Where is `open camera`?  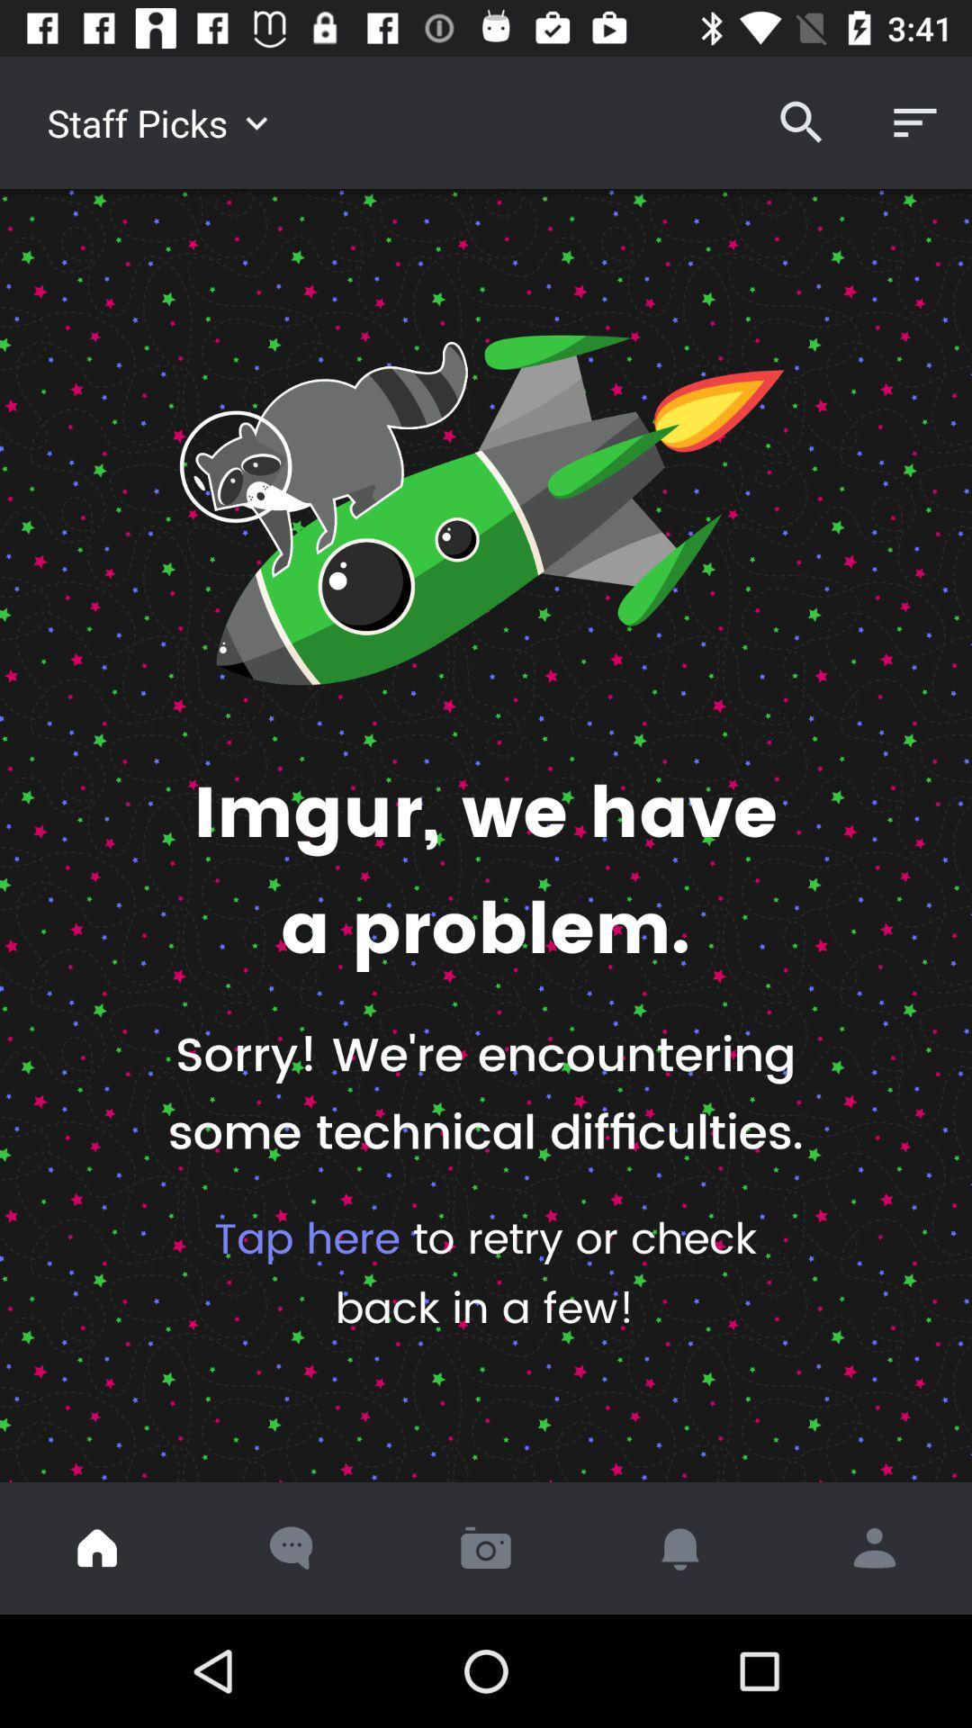 open camera is located at coordinates (486, 1547).